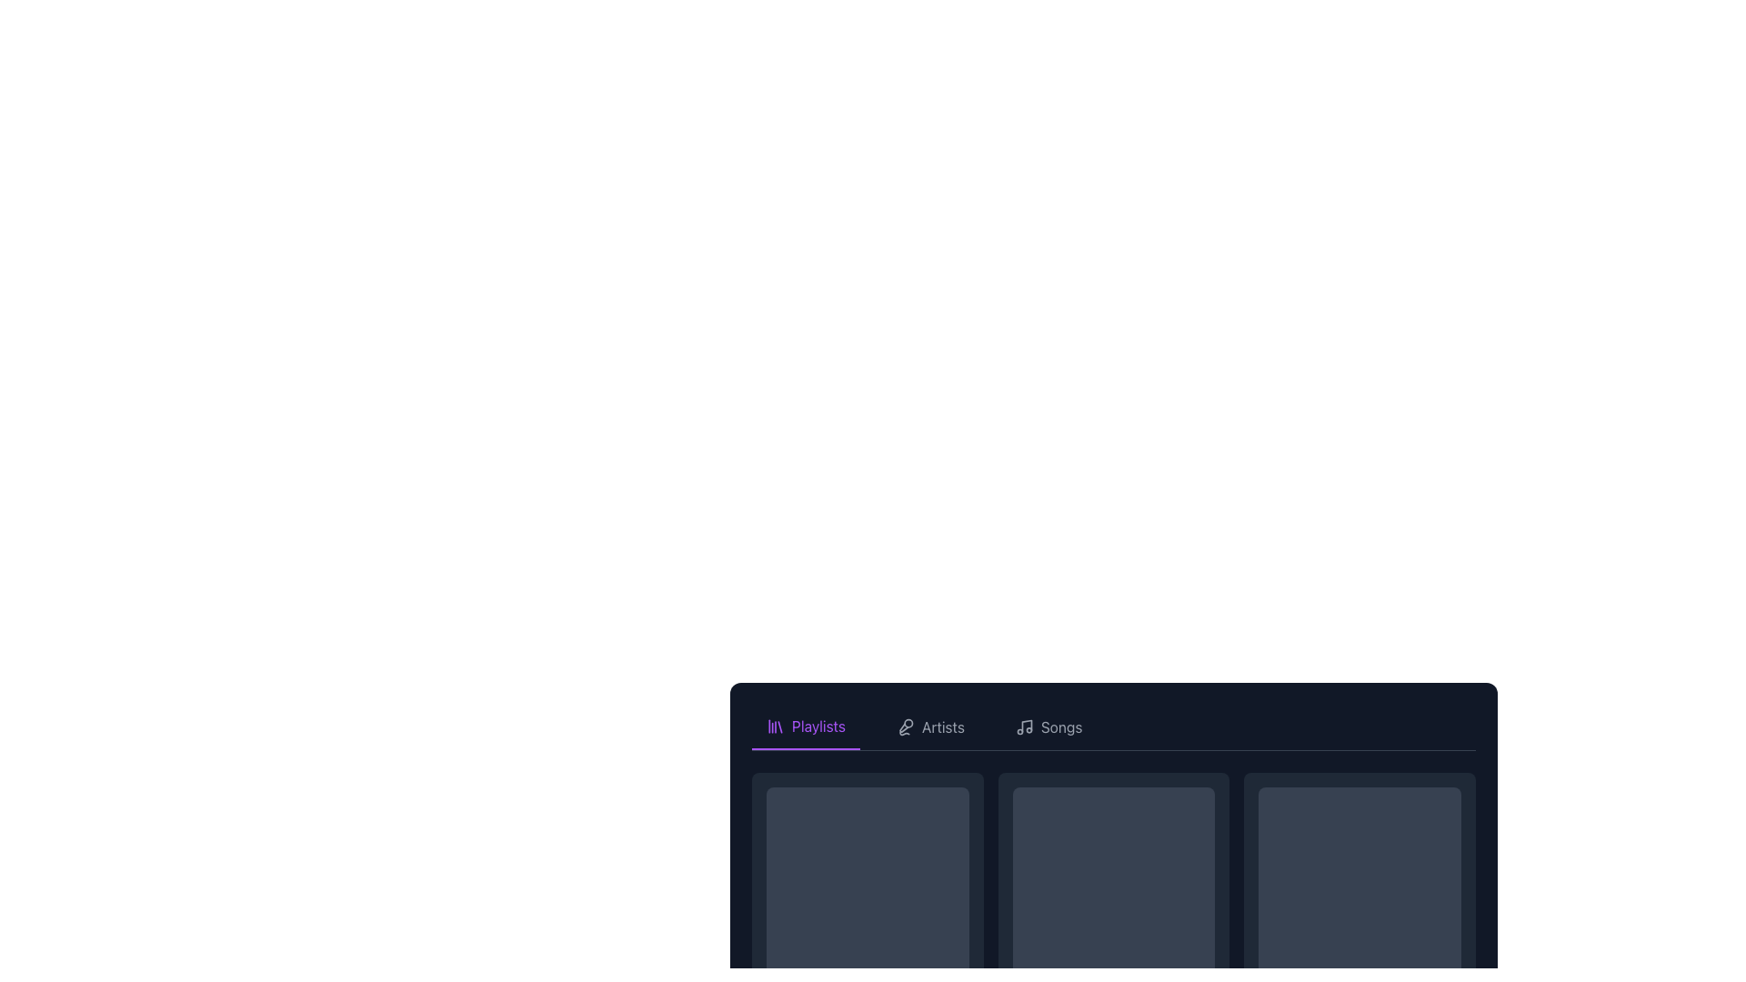 The image size is (1746, 982). What do you see at coordinates (905, 726) in the screenshot?
I see `the artist icon located in the top navigation bar, which visually indicates the section pertains to artists or vocalists` at bounding box center [905, 726].